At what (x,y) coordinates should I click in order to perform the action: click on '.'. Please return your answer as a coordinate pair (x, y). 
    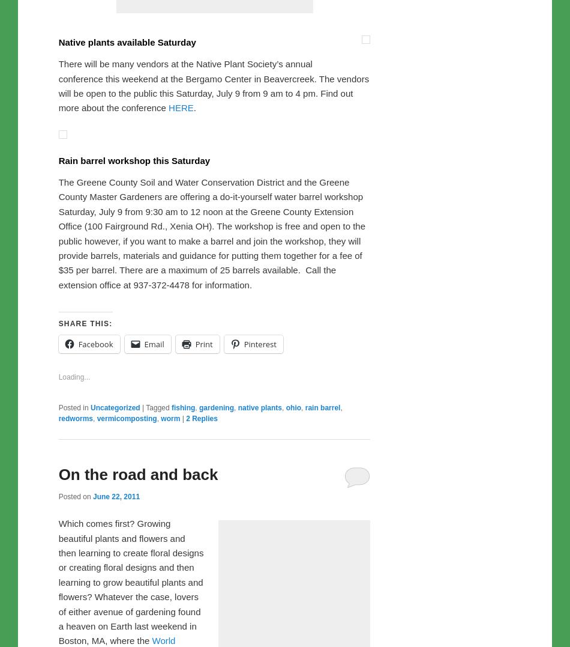
    Looking at the image, I should click on (192, 359).